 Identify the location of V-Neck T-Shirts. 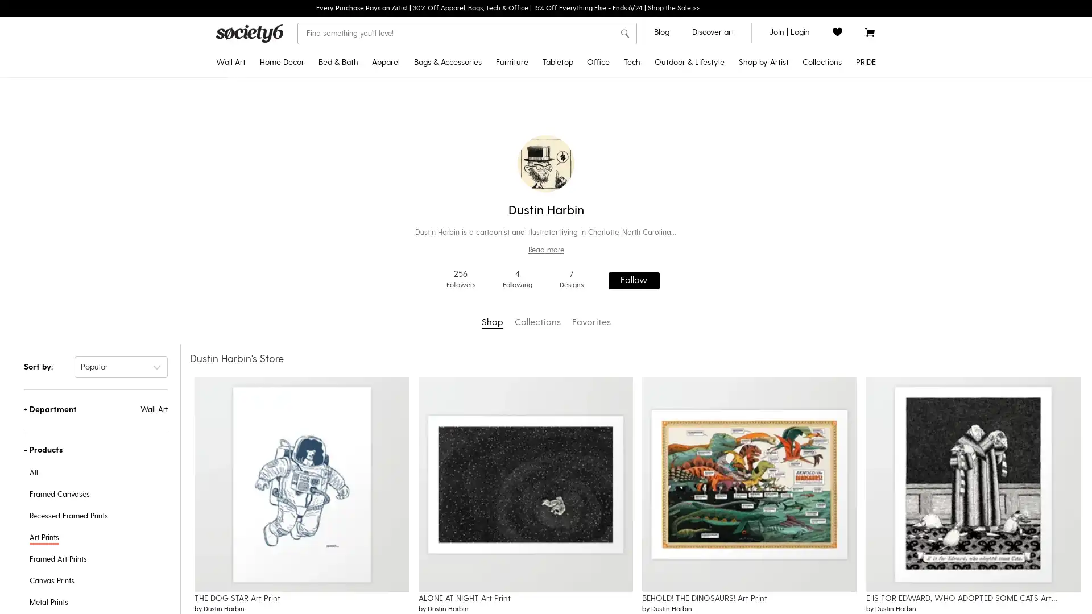
(421, 182).